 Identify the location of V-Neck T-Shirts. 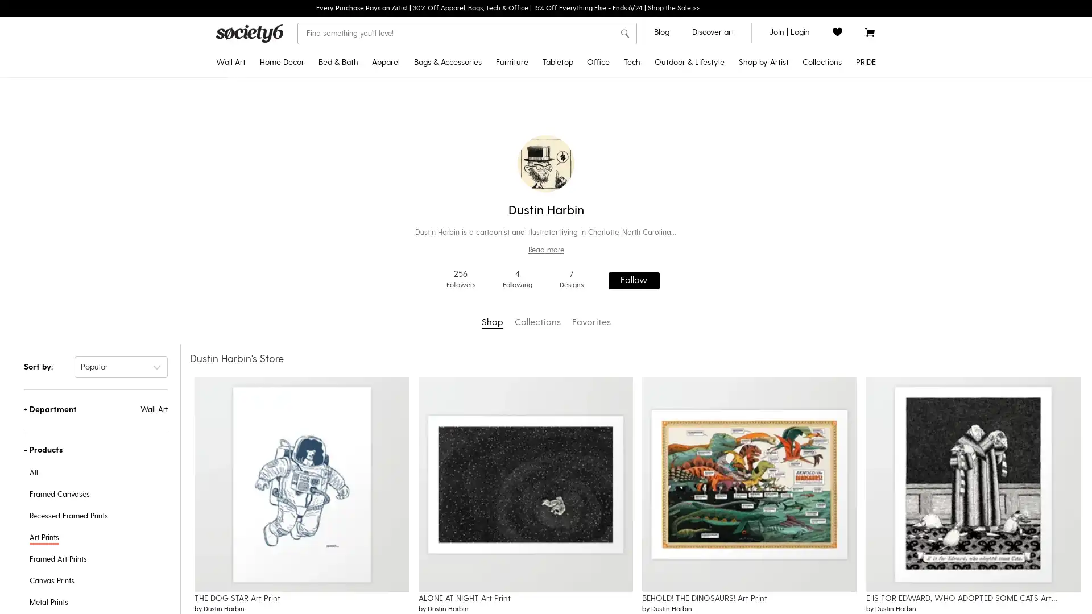
(421, 182).